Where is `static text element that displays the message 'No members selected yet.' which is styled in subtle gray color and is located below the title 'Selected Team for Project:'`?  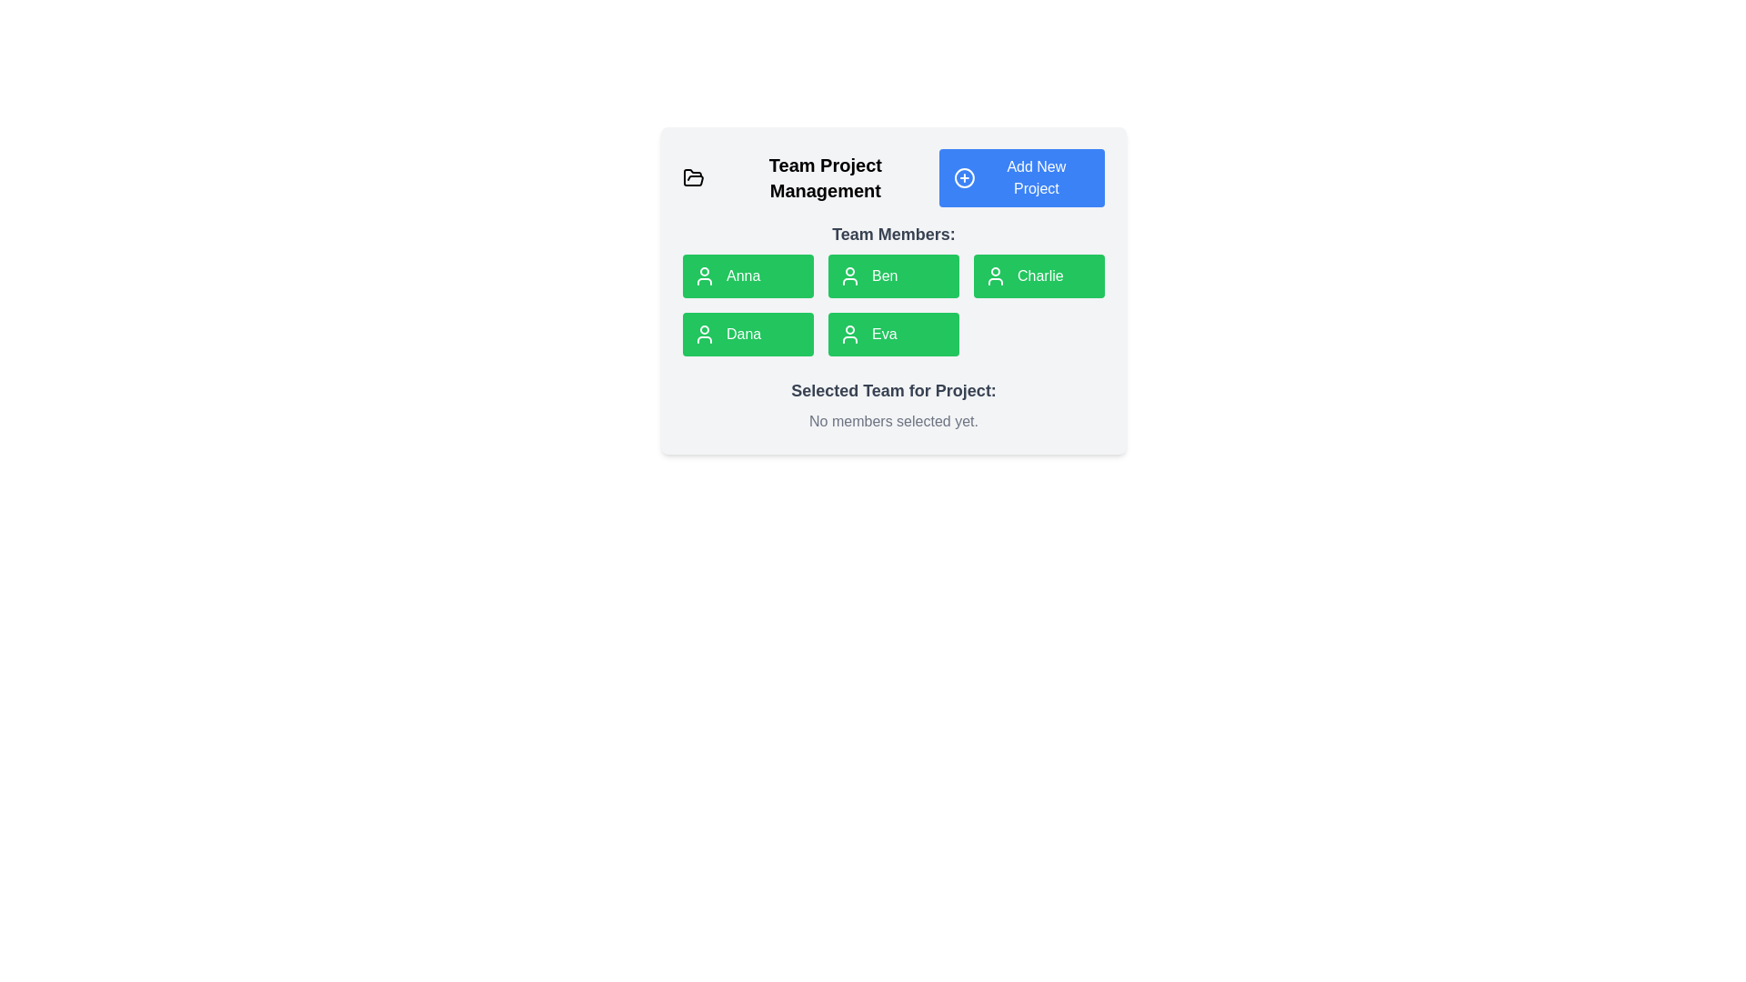 static text element that displays the message 'No members selected yet.' which is styled in subtle gray color and is located below the title 'Selected Team for Project:' is located at coordinates (894, 421).